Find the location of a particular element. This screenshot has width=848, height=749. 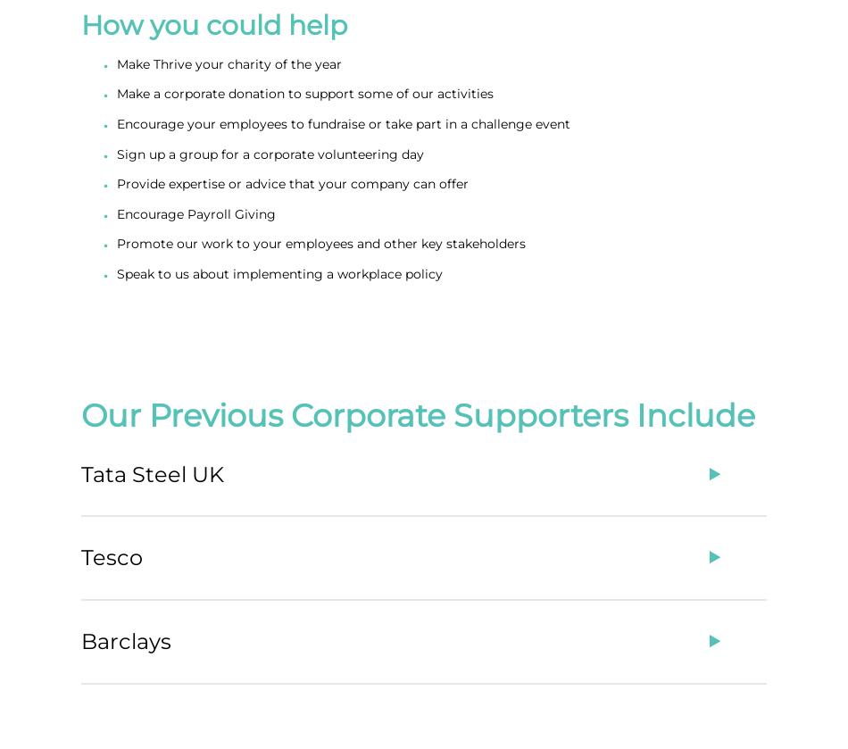

'Encourage Payroll Giving' is located at coordinates (196, 213).